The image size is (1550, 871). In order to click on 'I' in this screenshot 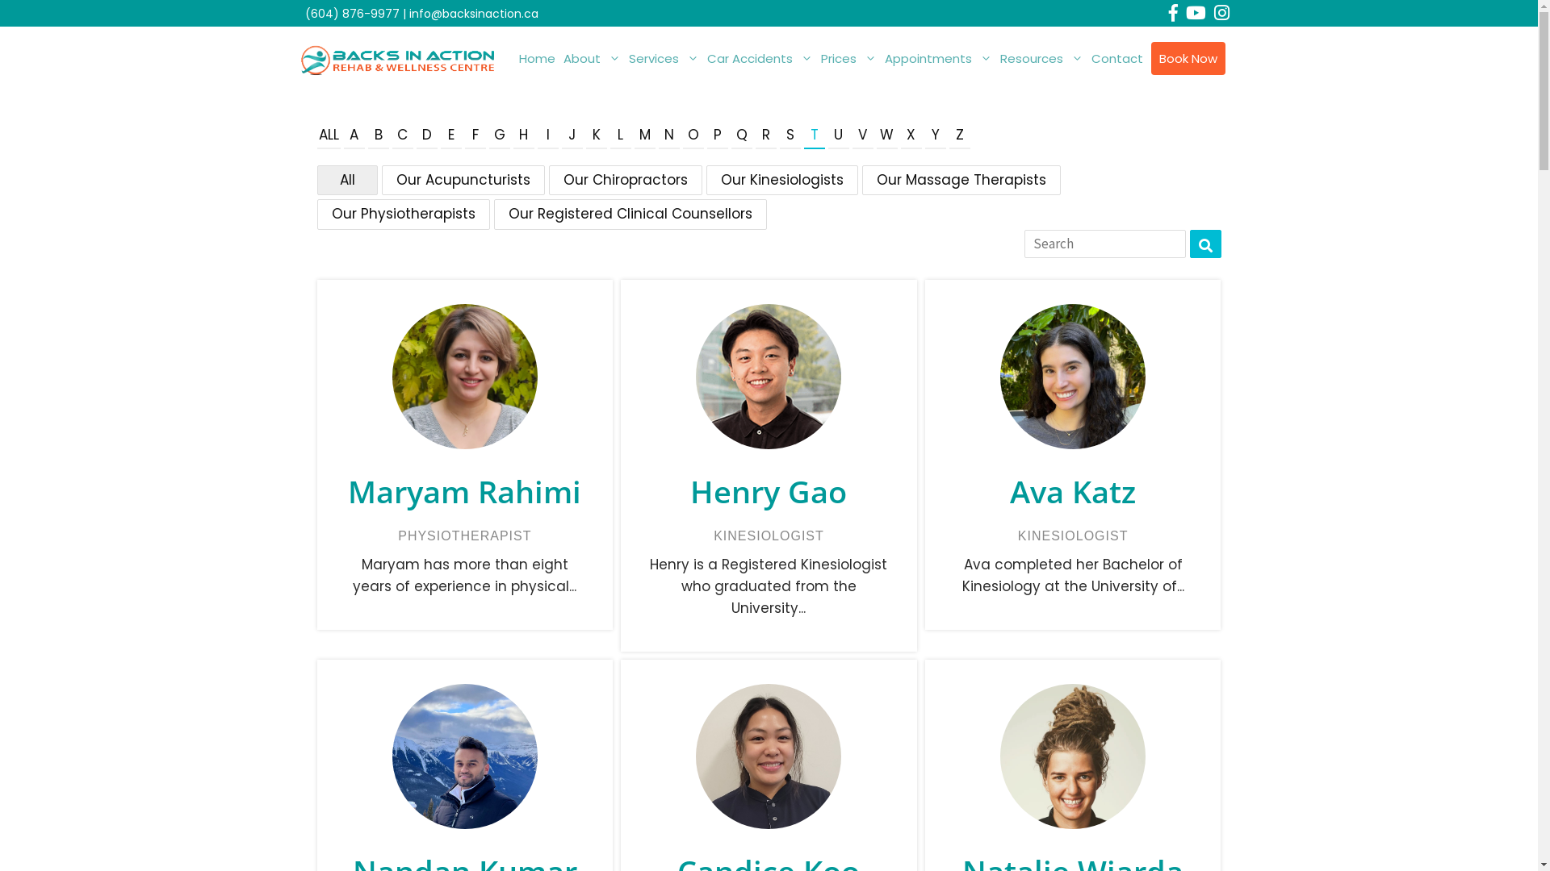, I will do `click(547, 135)`.